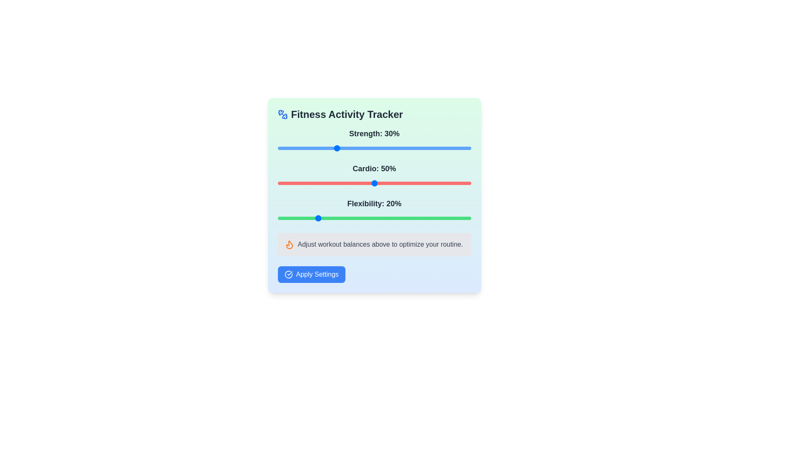 This screenshot has height=450, width=800. What do you see at coordinates (457, 182) in the screenshot?
I see `the Cardio slider` at bounding box center [457, 182].